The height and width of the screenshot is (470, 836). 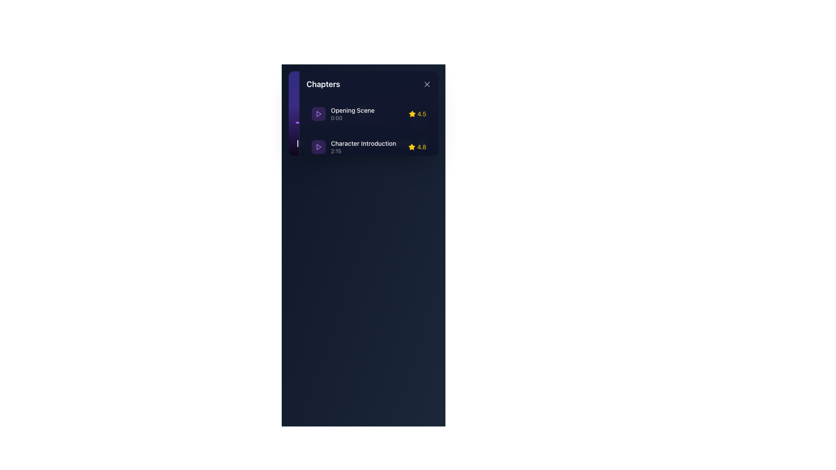 What do you see at coordinates (343, 114) in the screenshot?
I see `the first chapter item labeled 'Opening Scene' in the vertical list within the 'Chapters' panel` at bounding box center [343, 114].